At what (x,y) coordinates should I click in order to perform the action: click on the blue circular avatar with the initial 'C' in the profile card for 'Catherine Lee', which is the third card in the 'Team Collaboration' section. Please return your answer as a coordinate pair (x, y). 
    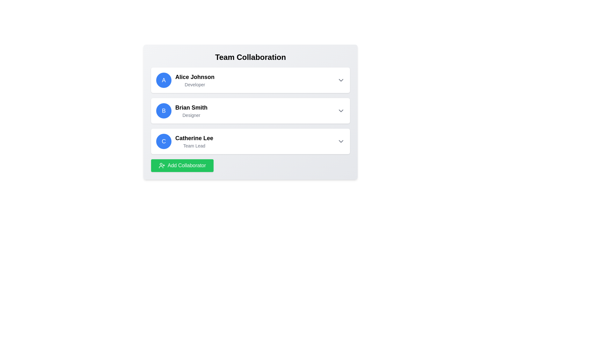
    Looking at the image, I should click on (184, 141).